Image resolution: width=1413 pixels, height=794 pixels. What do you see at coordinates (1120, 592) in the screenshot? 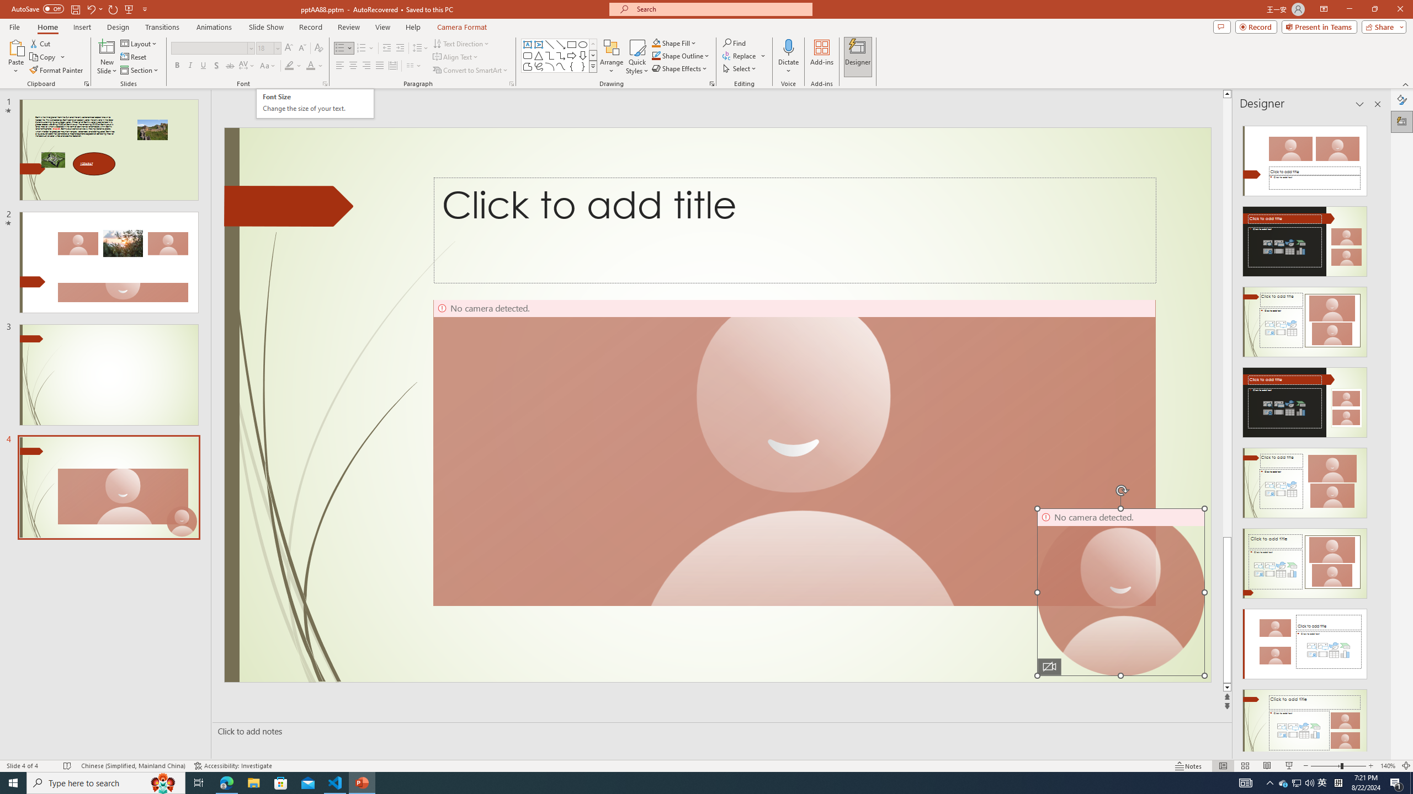
I see `'Camera 4, No camera detected.'` at bounding box center [1120, 592].